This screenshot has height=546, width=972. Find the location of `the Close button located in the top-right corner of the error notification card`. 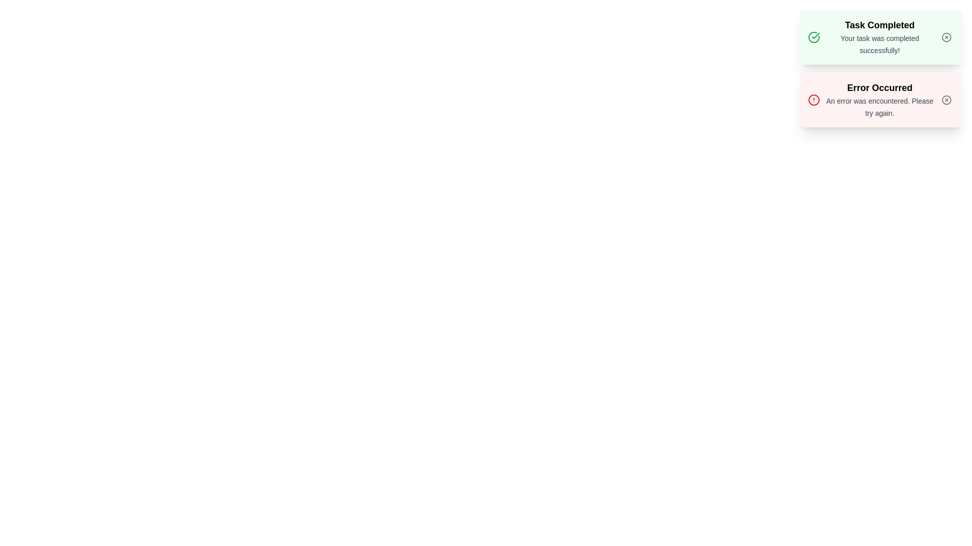

the Close button located in the top-right corner of the error notification card is located at coordinates (946, 100).